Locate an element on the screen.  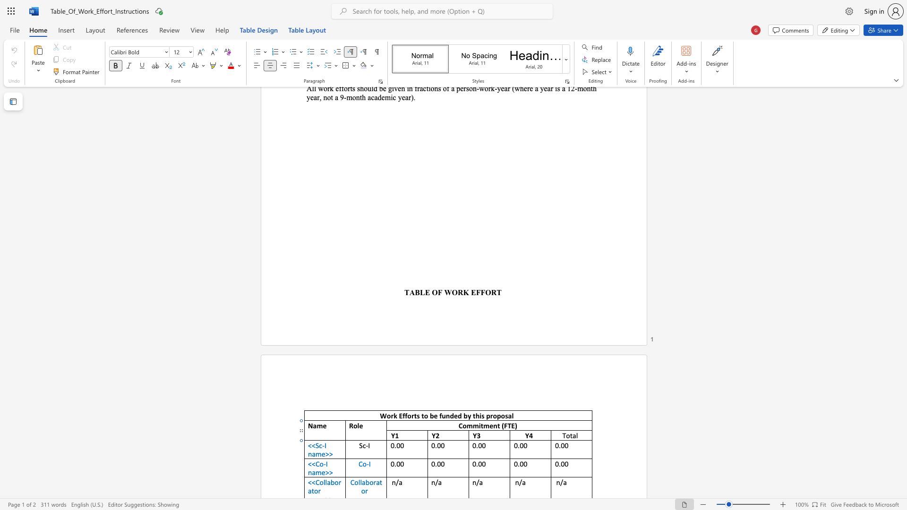
the space between the continuous character "-" and "I" in the text is located at coordinates (325, 463).